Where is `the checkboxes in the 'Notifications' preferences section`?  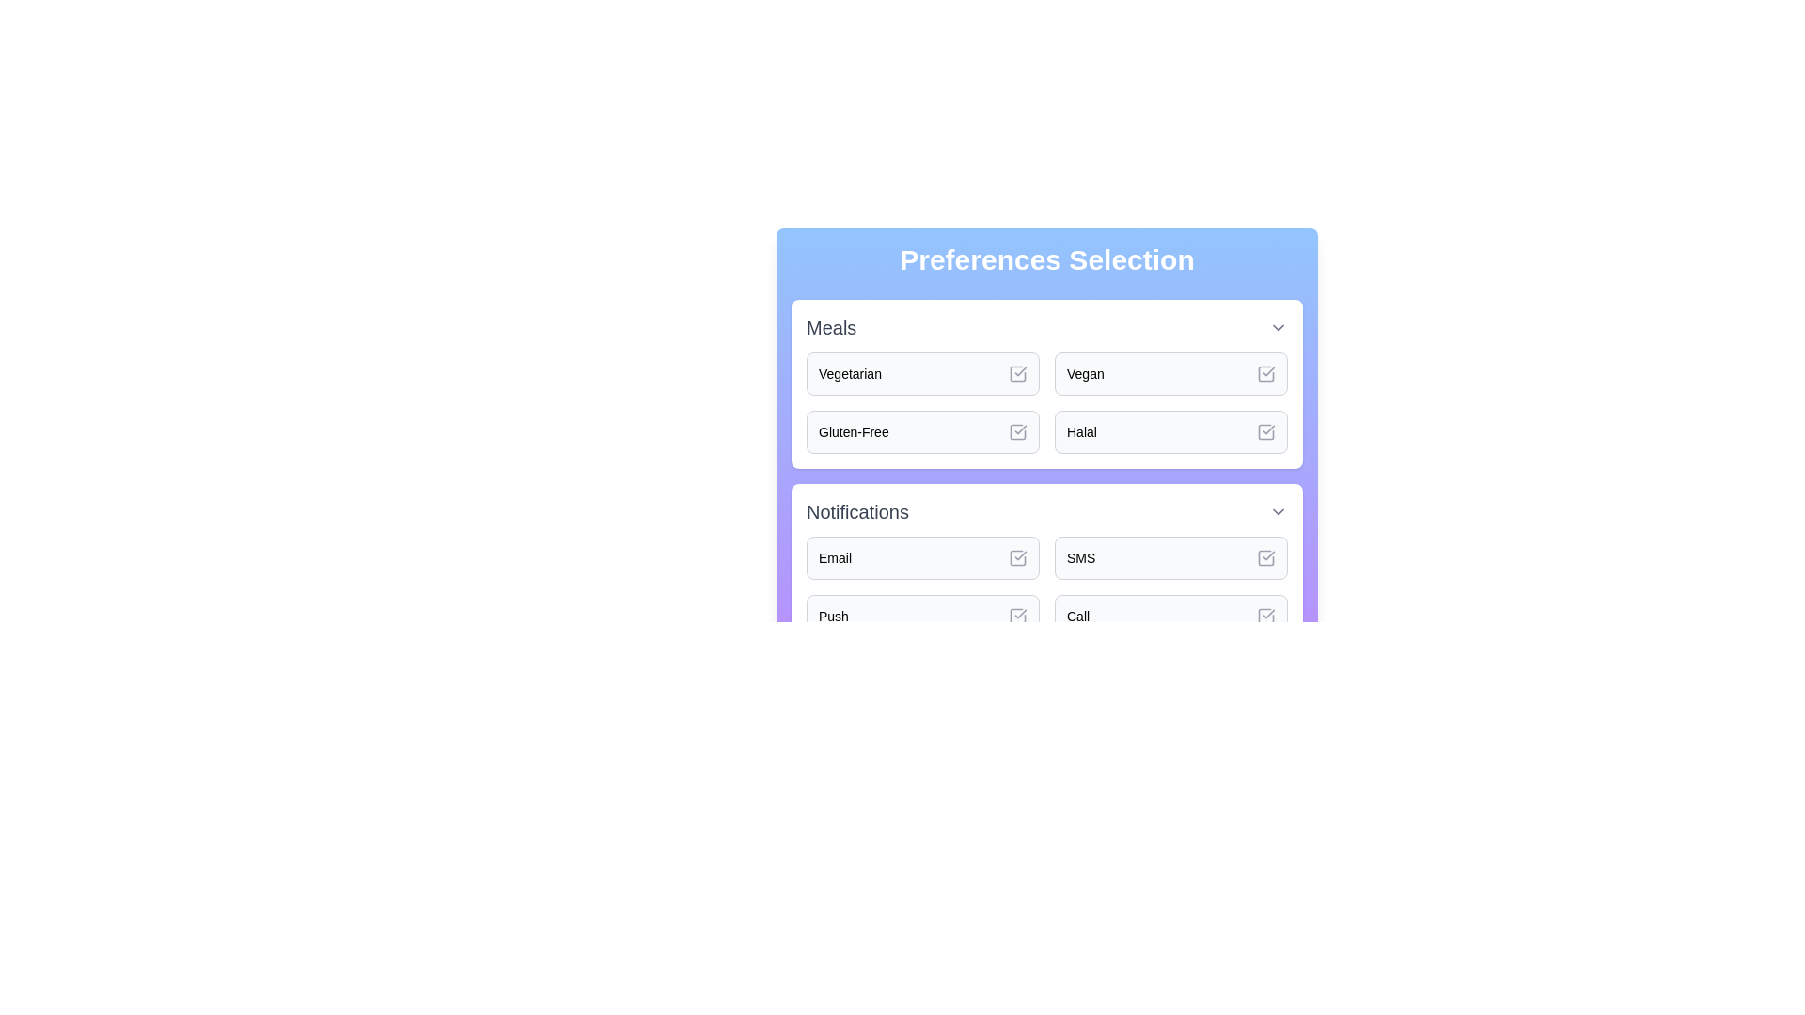
the checkboxes in the 'Notifications' preferences section is located at coordinates (1045, 586).